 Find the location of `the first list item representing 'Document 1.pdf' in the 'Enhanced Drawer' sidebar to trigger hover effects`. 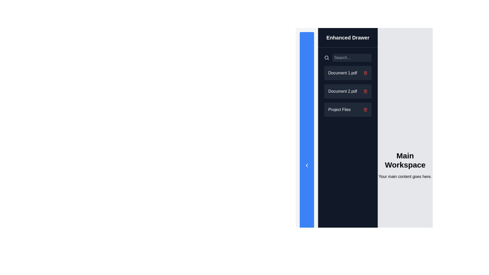

the first list item representing 'Document 1.pdf' in the 'Enhanced Drawer' sidebar to trigger hover effects is located at coordinates (348, 73).